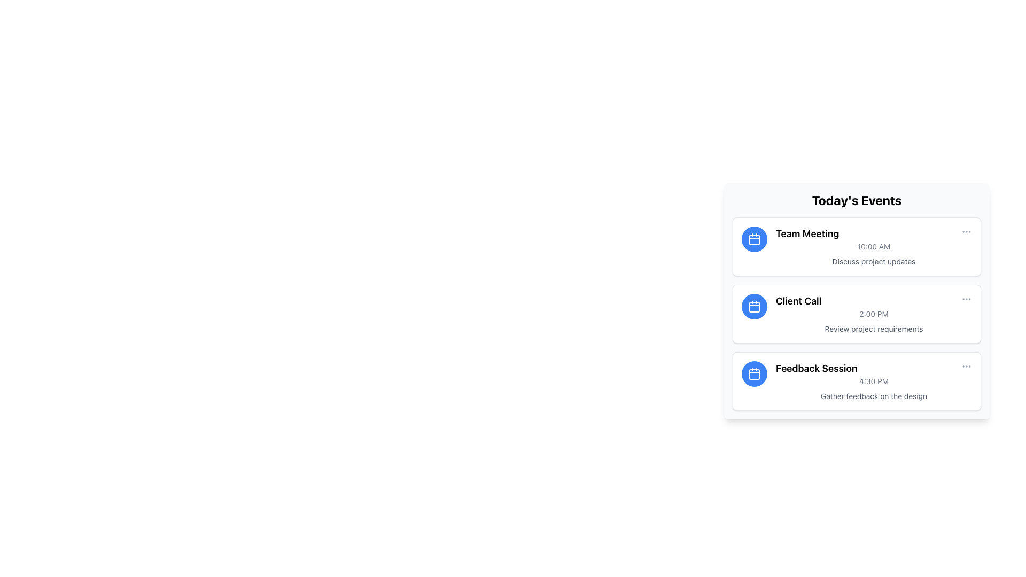  What do you see at coordinates (874, 380) in the screenshot?
I see `the text label displaying '4:30 PM' located at the bottom-center of the event card titled 'Feedback Session'` at bounding box center [874, 380].